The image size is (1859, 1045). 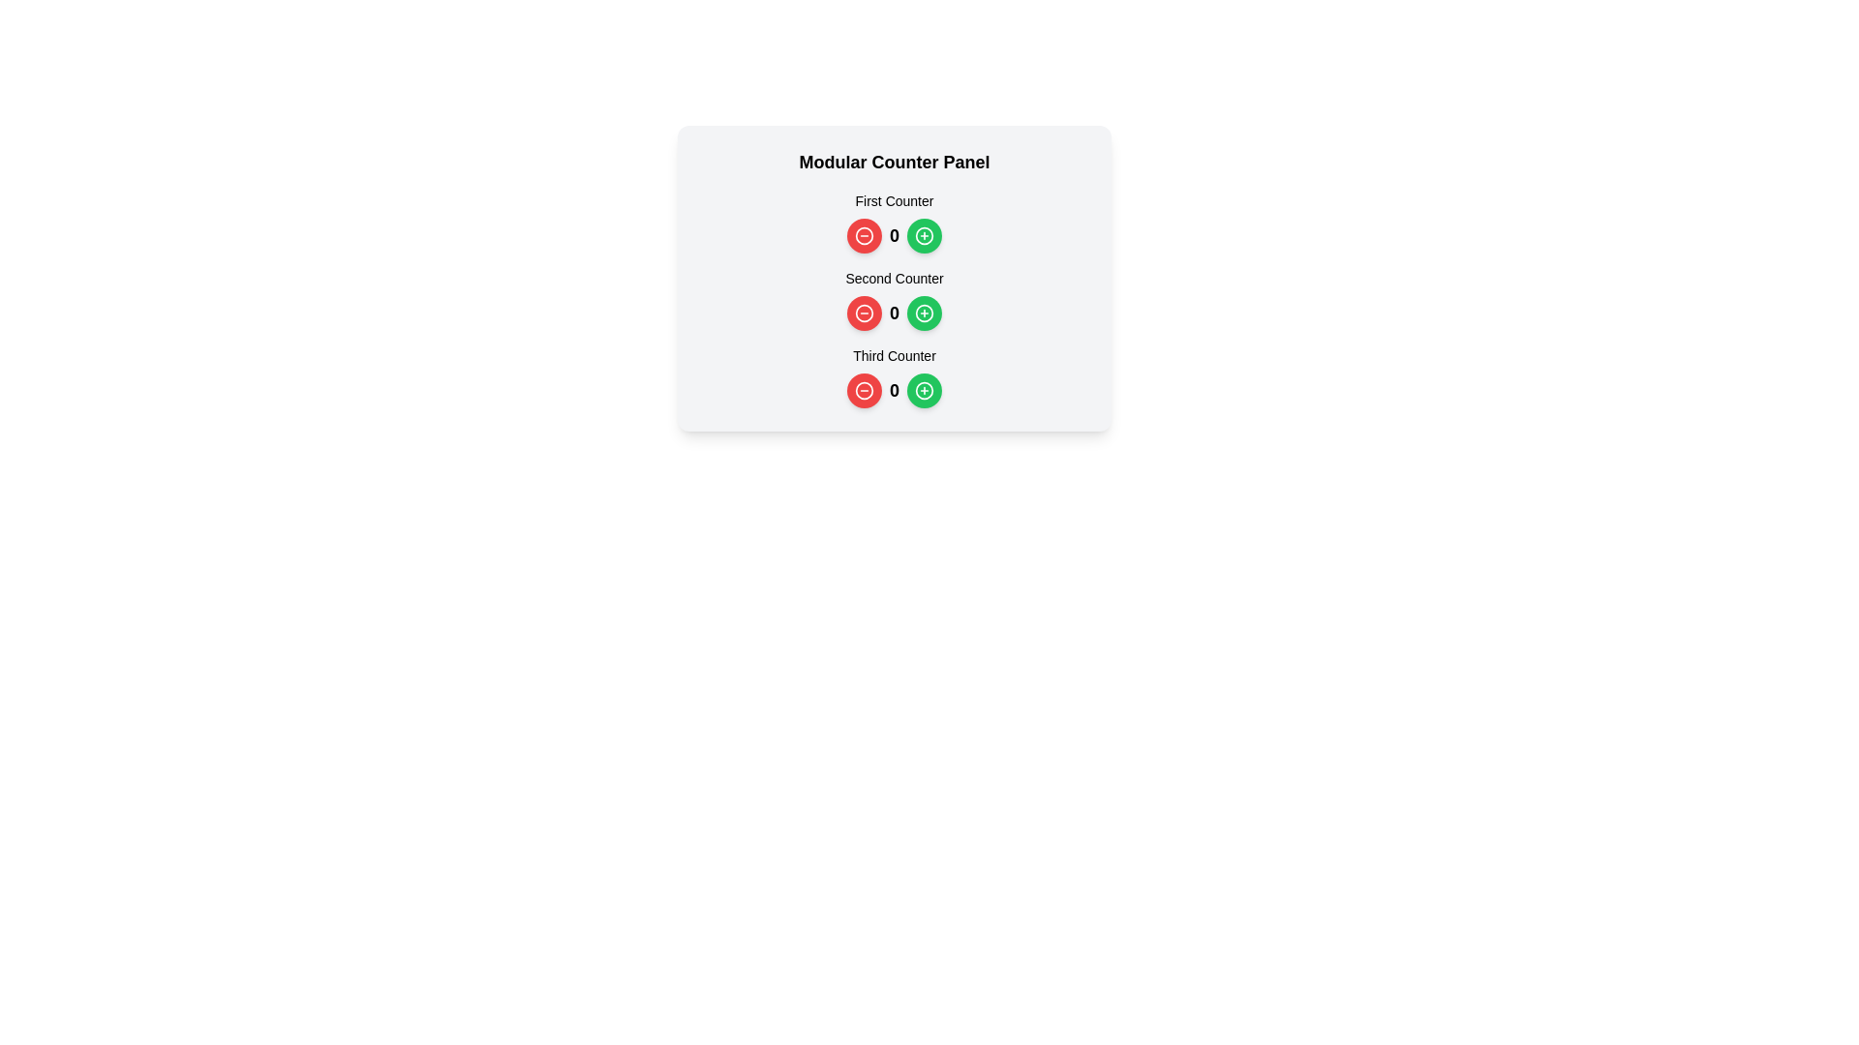 What do you see at coordinates (894, 279) in the screenshot?
I see `the Text Label that denotes the second counter section in the modular counter panel, which is positioned above the interactive buttons and display of the second counter group` at bounding box center [894, 279].